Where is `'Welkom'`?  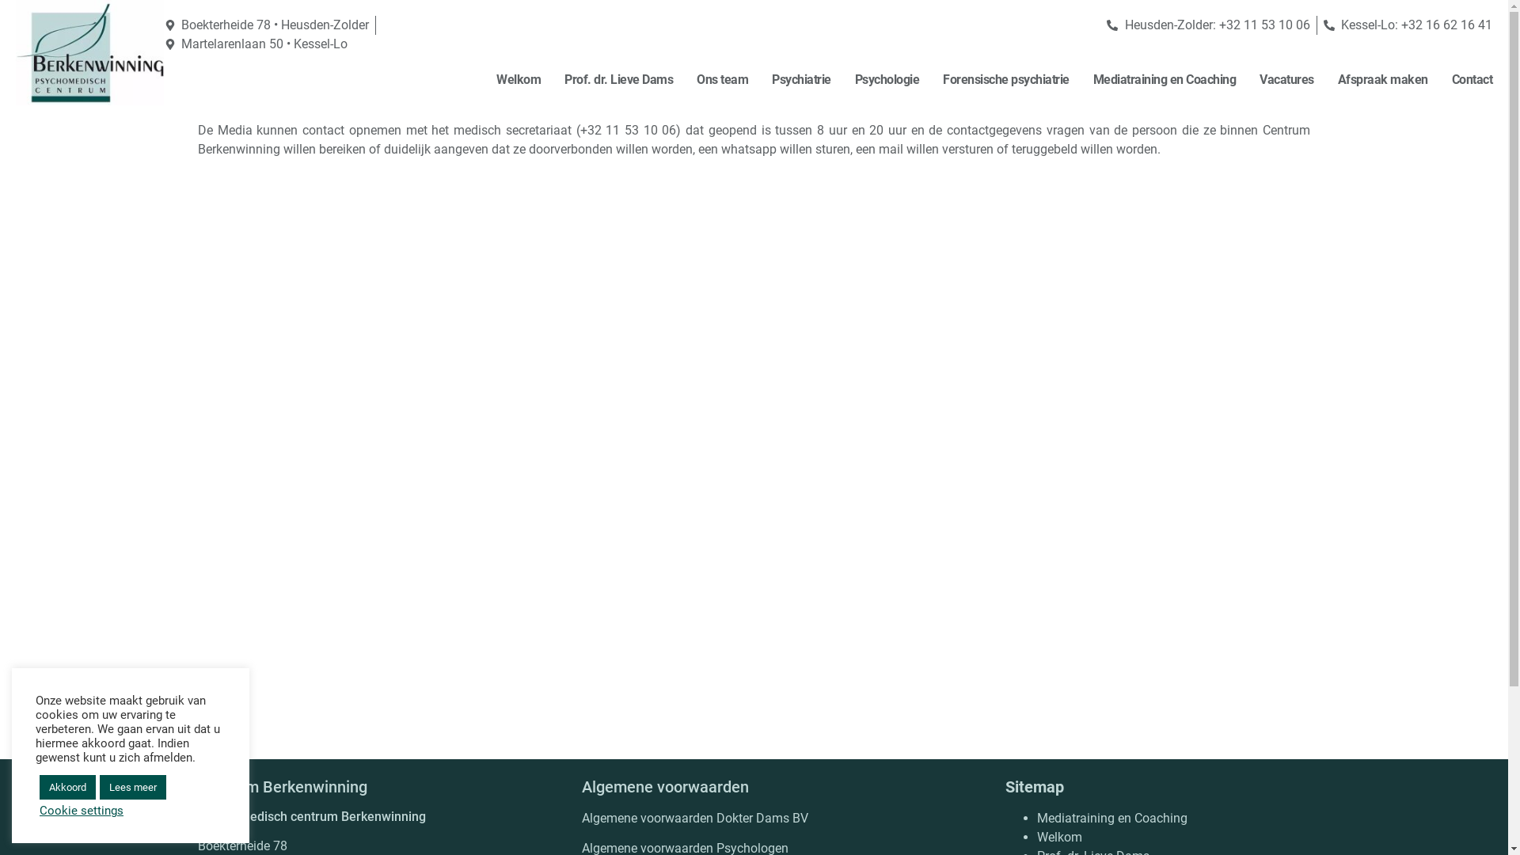 'Welkom' is located at coordinates (1059, 836).